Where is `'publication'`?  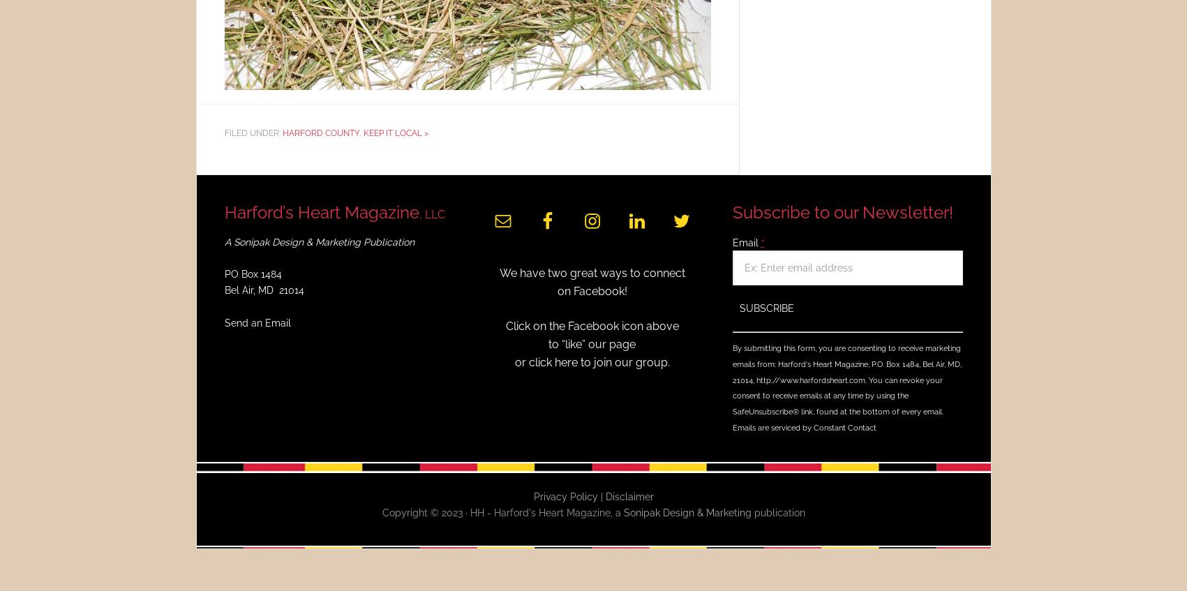 'publication' is located at coordinates (777, 511).